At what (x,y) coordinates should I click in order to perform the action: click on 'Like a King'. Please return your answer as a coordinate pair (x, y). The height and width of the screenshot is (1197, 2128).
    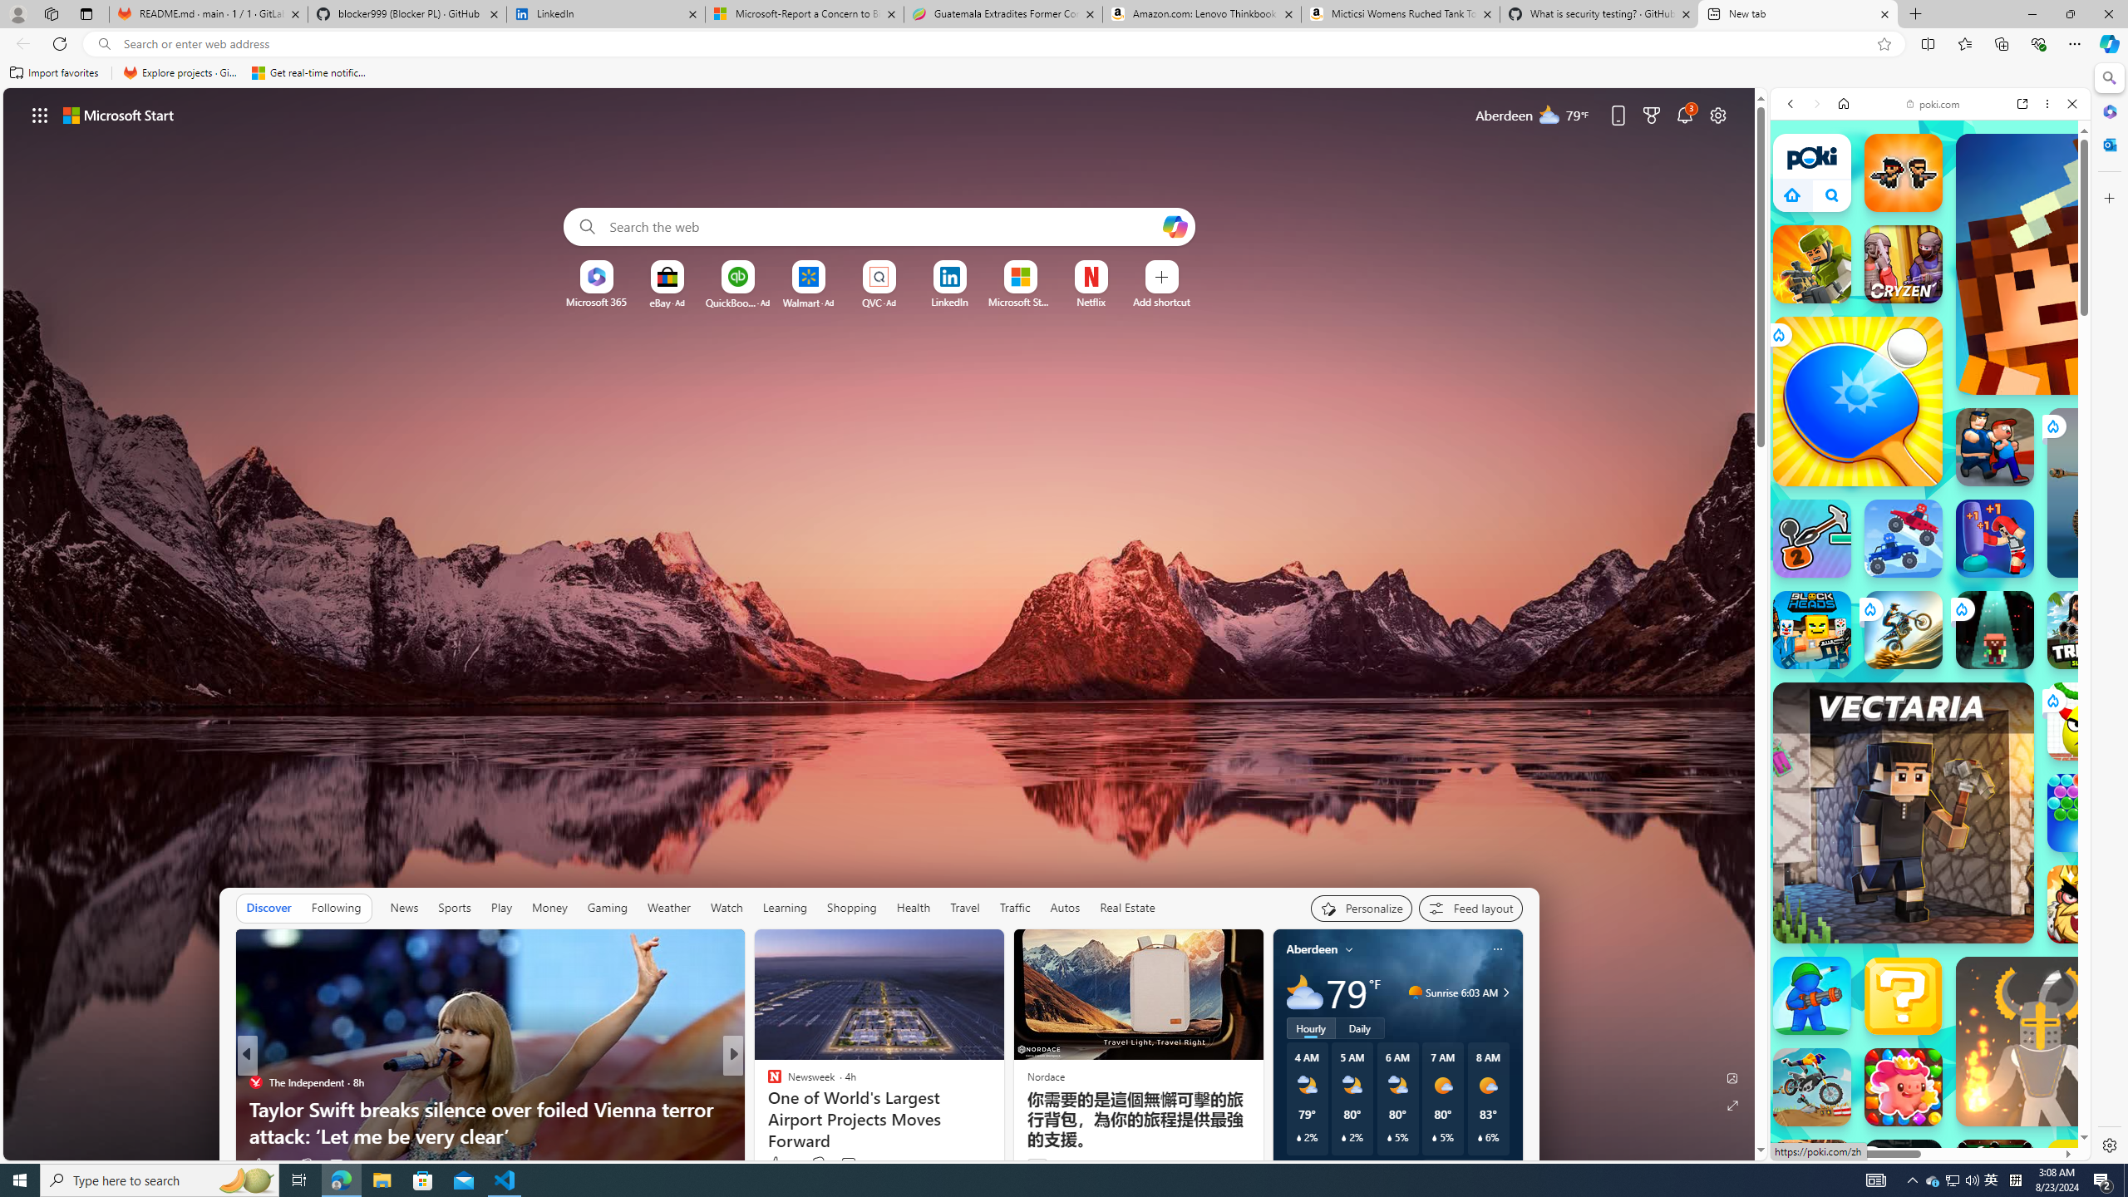
    Looking at the image, I should click on (2086, 904).